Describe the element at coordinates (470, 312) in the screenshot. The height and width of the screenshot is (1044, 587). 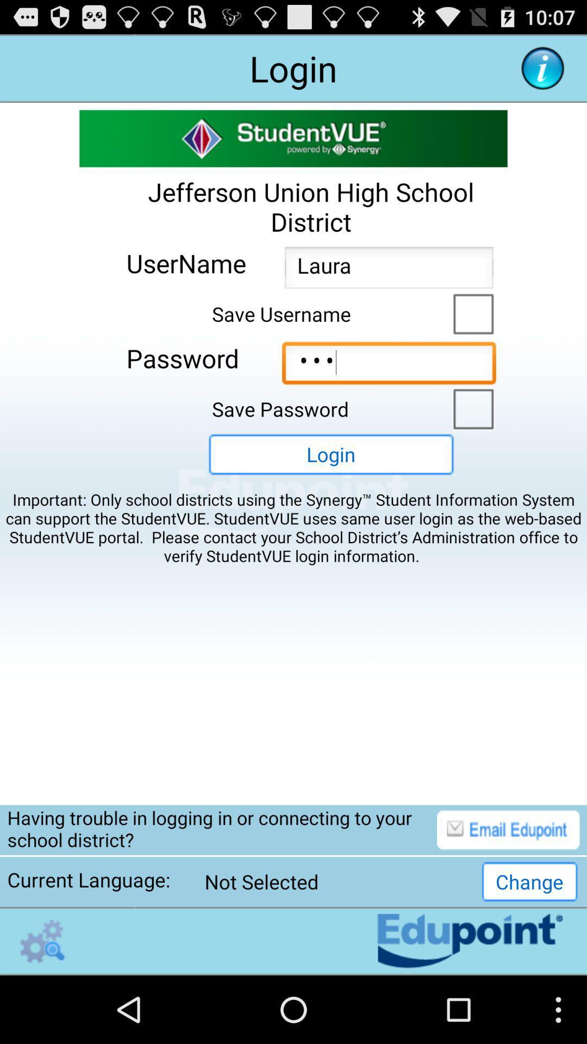
I see `click the box` at that location.